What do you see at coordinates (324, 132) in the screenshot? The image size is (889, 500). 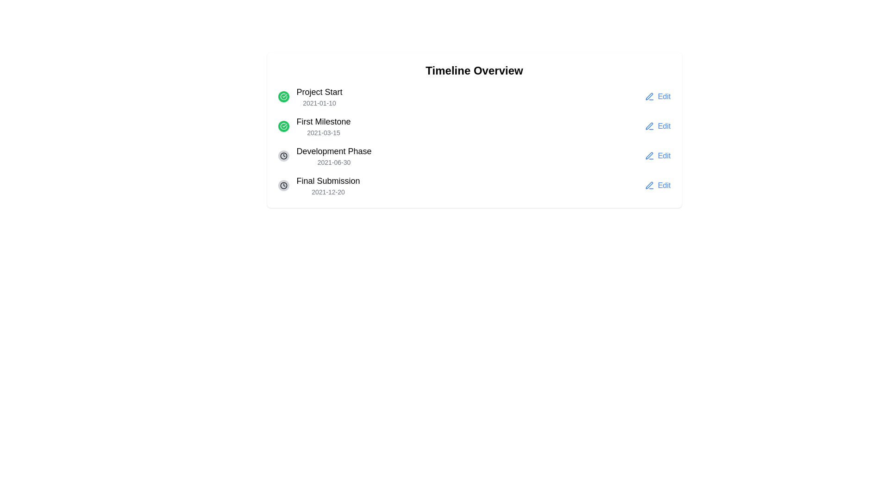 I see `the static text displaying the date associated with 'First Milestone', located beneath the title in the timeline overview list` at bounding box center [324, 132].